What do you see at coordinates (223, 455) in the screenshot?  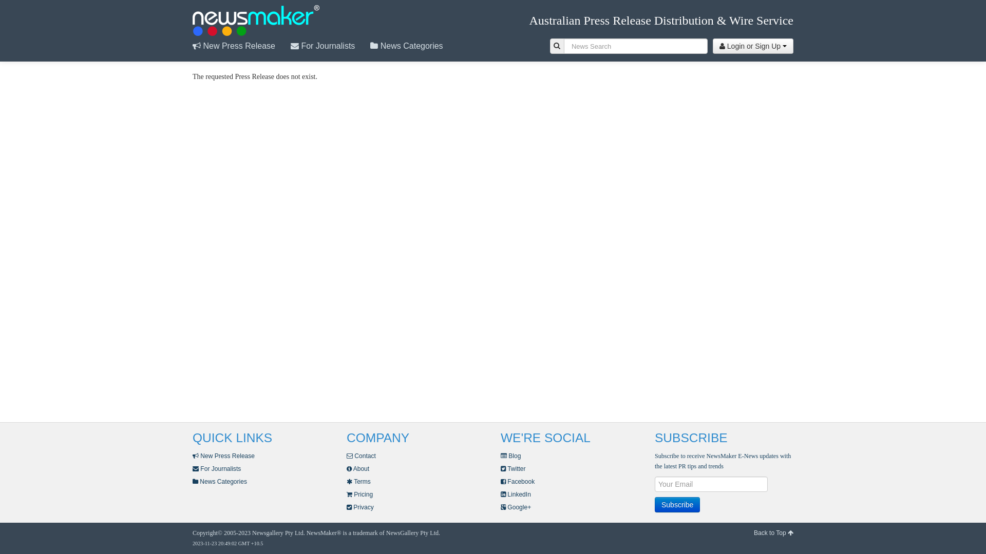 I see `'New Press Release'` at bounding box center [223, 455].